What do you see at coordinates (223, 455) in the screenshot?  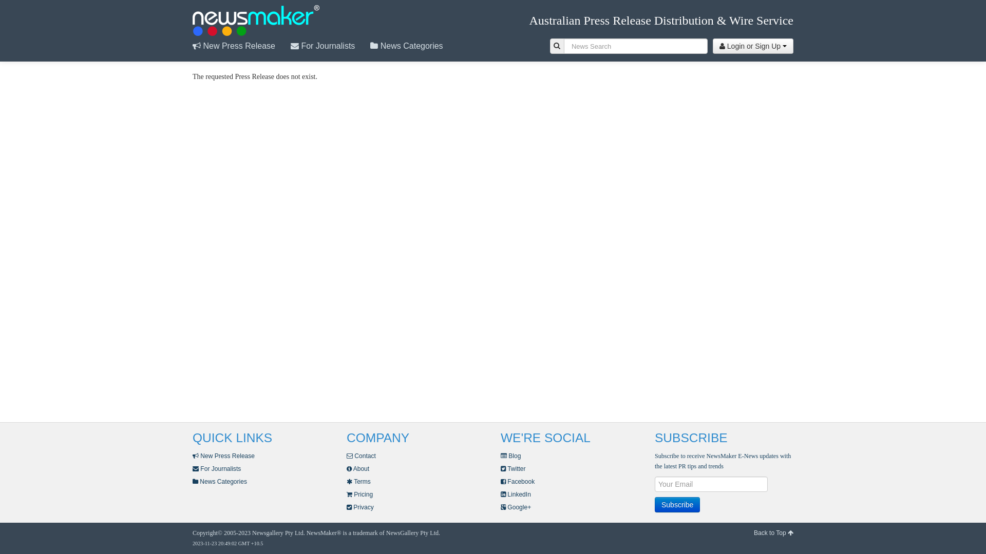 I see `'New Press Release'` at bounding box center [223, 455].